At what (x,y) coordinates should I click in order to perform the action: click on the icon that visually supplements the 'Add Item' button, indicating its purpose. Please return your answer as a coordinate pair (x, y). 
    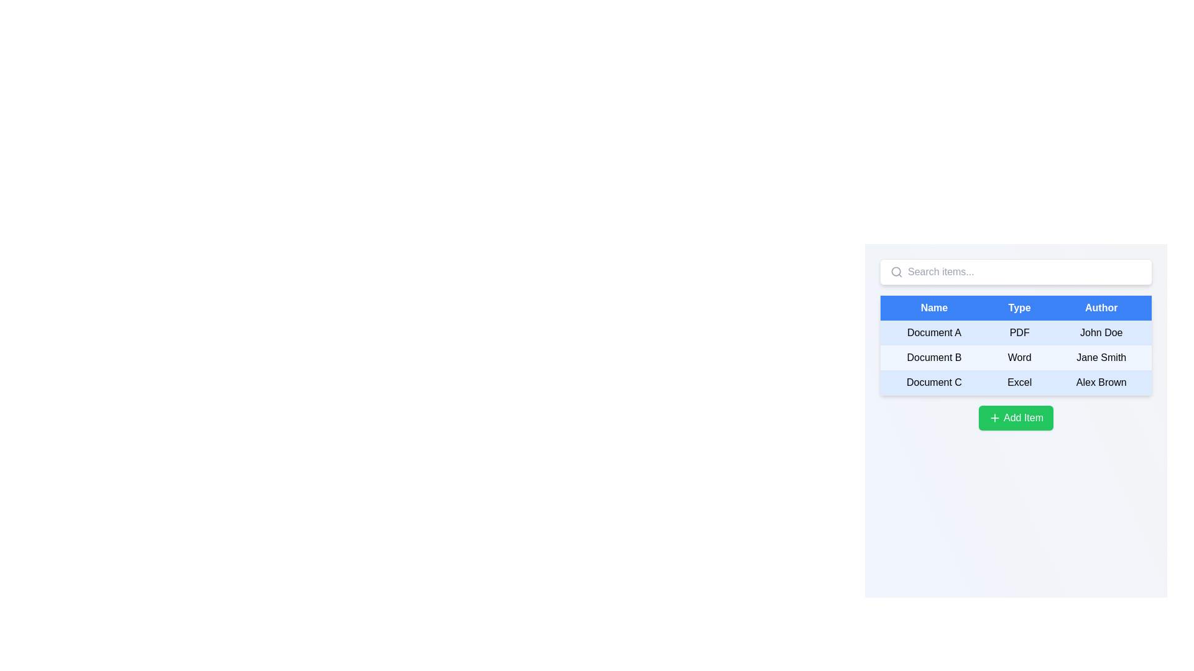
    Looking at the image, I should click on (994, 418).